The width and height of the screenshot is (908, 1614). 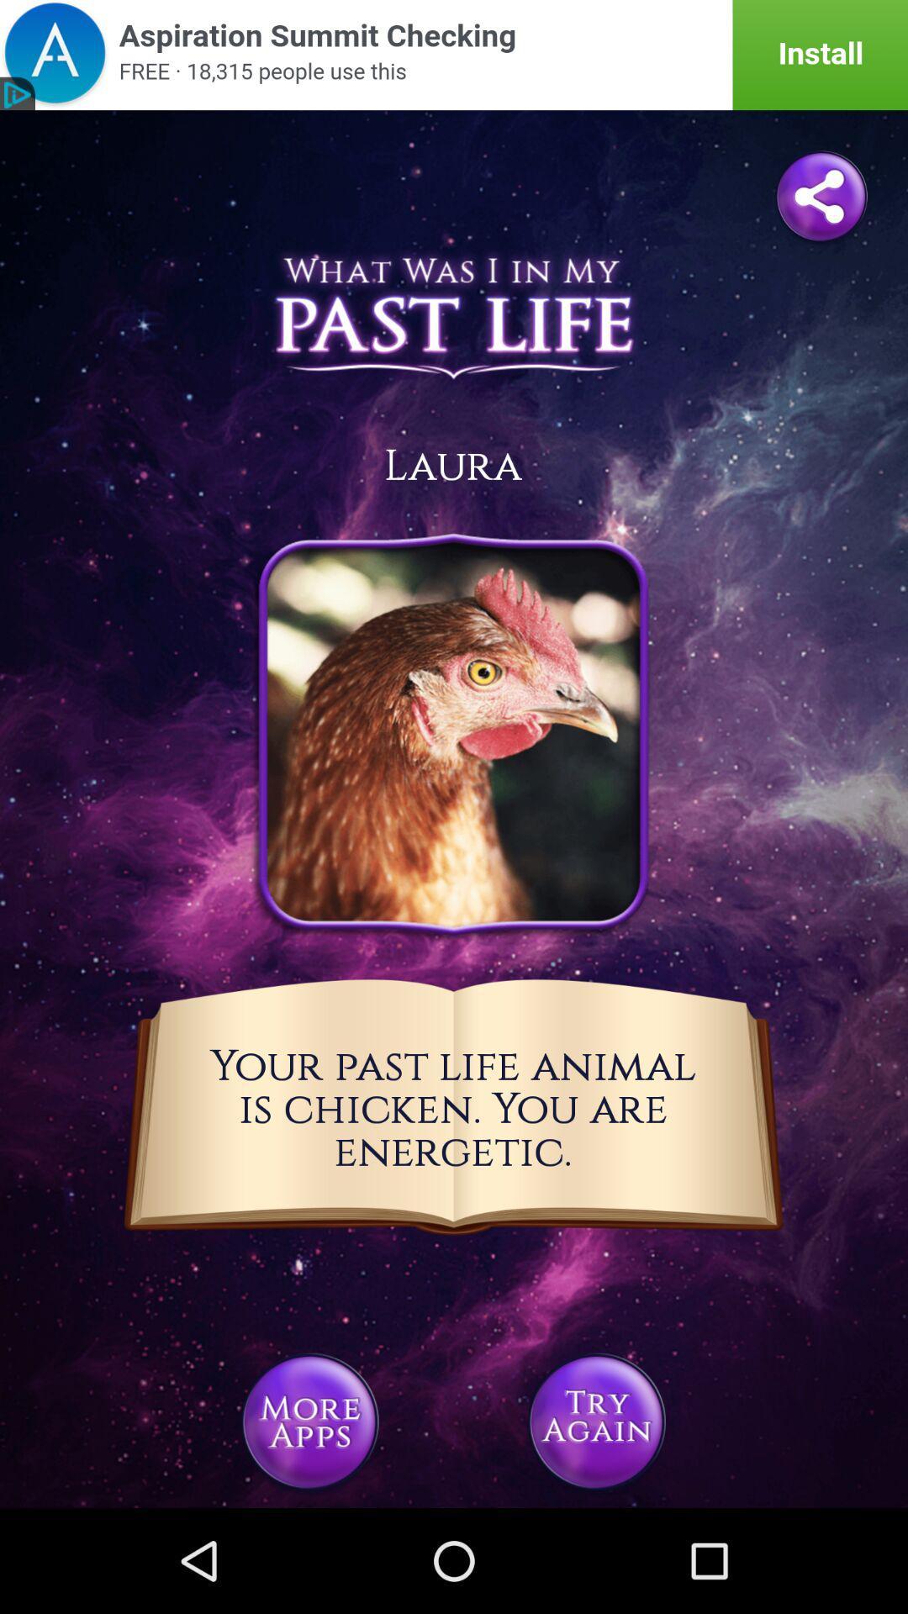 I want to click on start installation of the app, so click(x=454, y=55).